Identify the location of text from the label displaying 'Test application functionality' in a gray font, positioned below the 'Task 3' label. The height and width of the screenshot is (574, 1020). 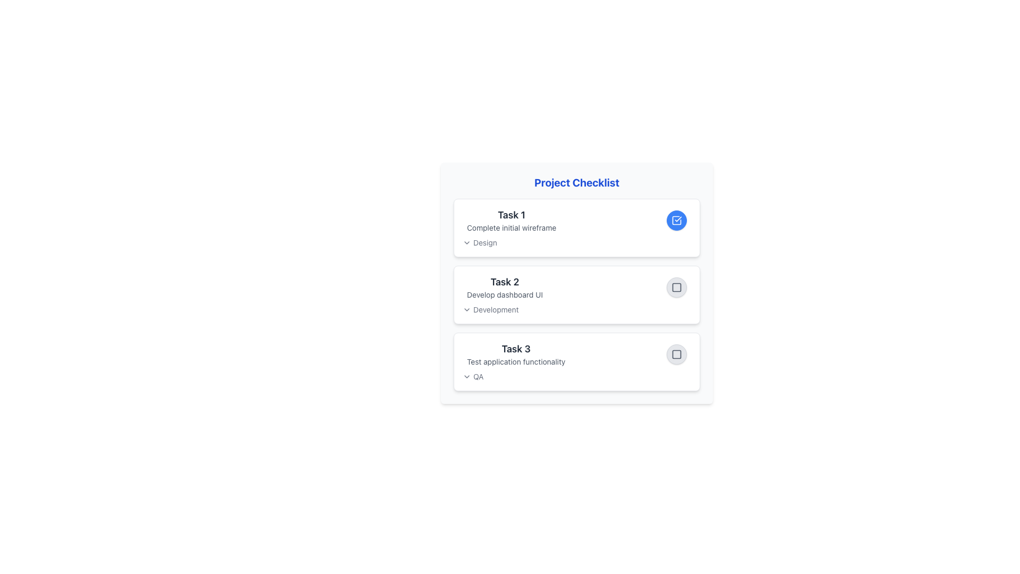
(516, 361).